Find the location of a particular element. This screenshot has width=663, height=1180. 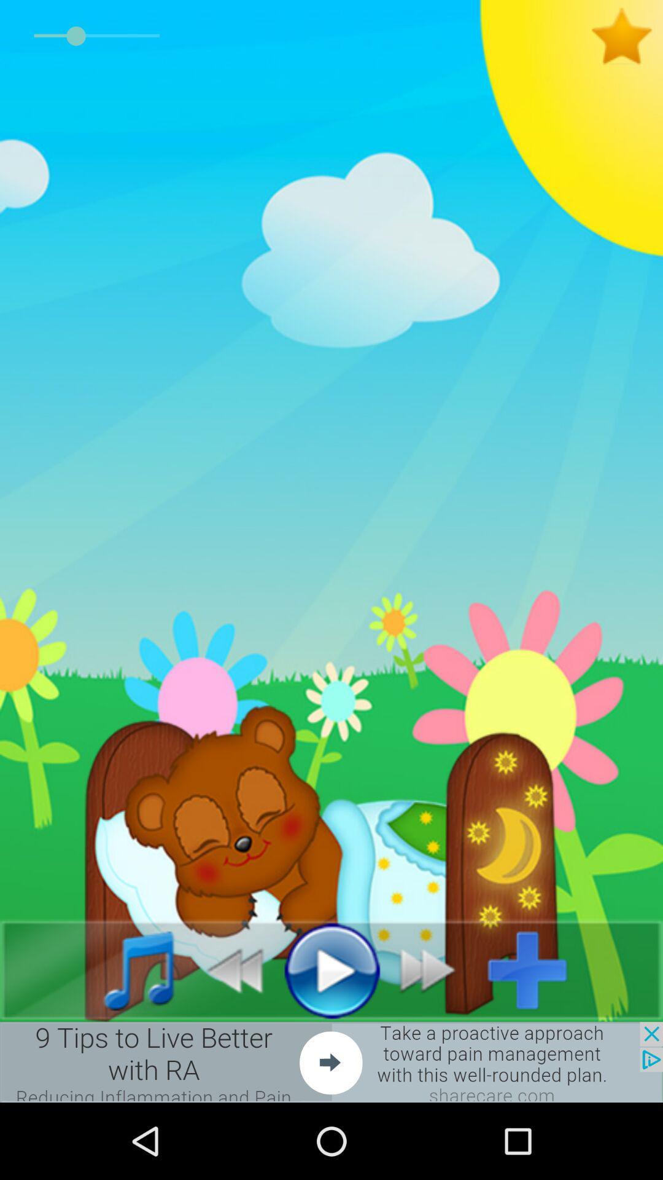

play is located at coordinates (331, 969).